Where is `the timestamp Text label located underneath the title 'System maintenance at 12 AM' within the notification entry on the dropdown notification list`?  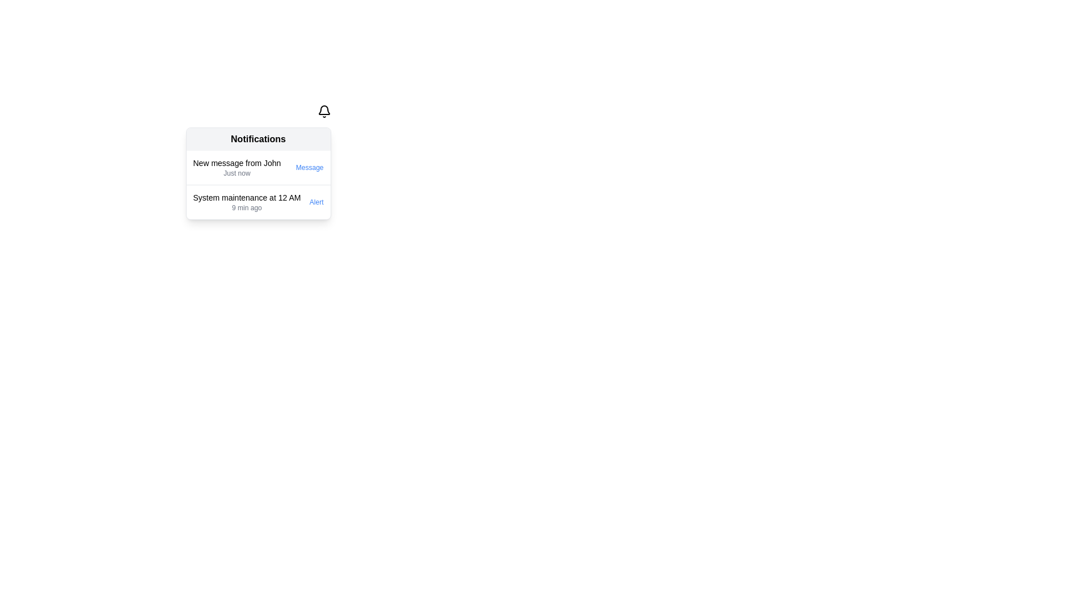 the timestamp Text label located underneath the title 'System maintenance at 12 AM' within the notification entry on the dropdown notification list is located at coordinates (246, 207).